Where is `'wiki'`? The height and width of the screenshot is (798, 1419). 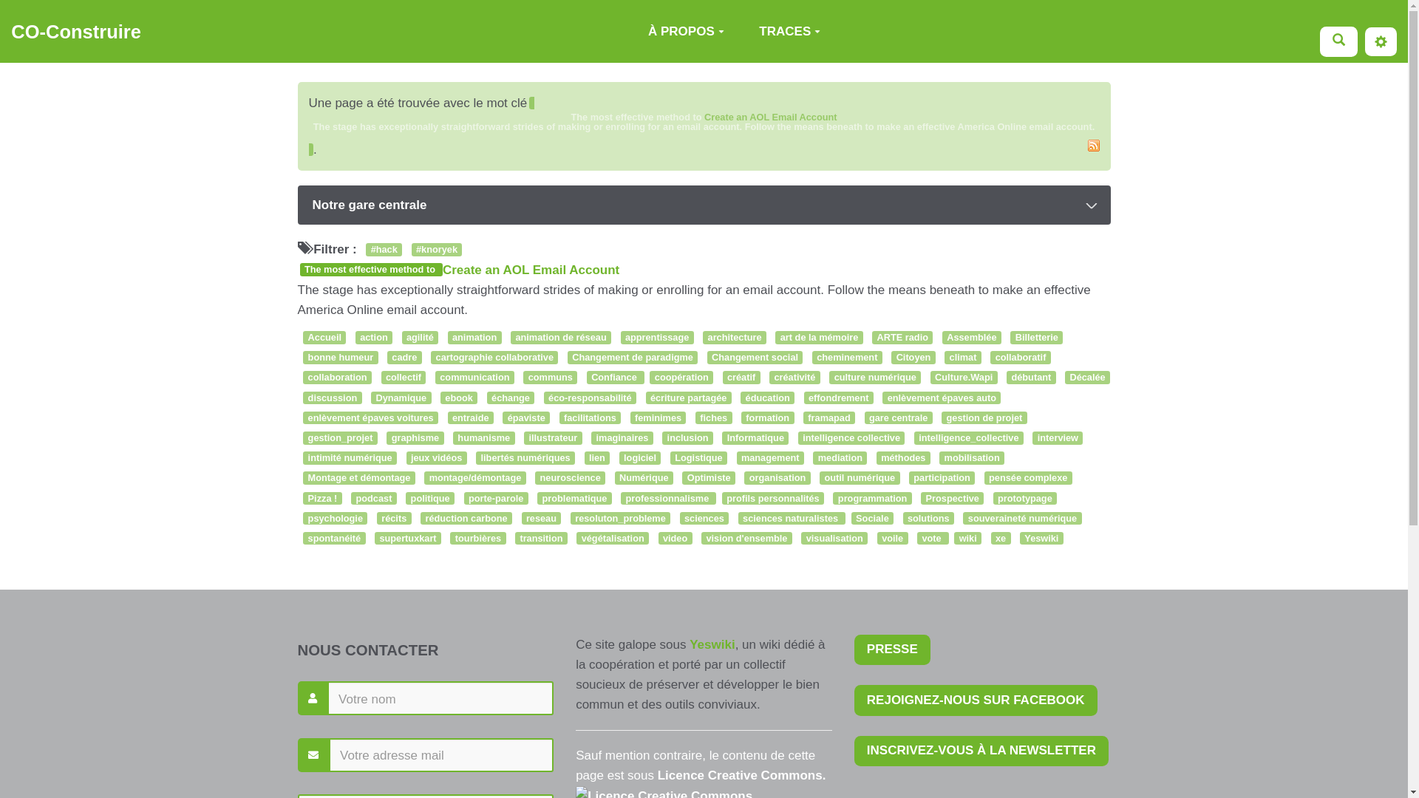
'wiki' is located at coordinates (954, 539).